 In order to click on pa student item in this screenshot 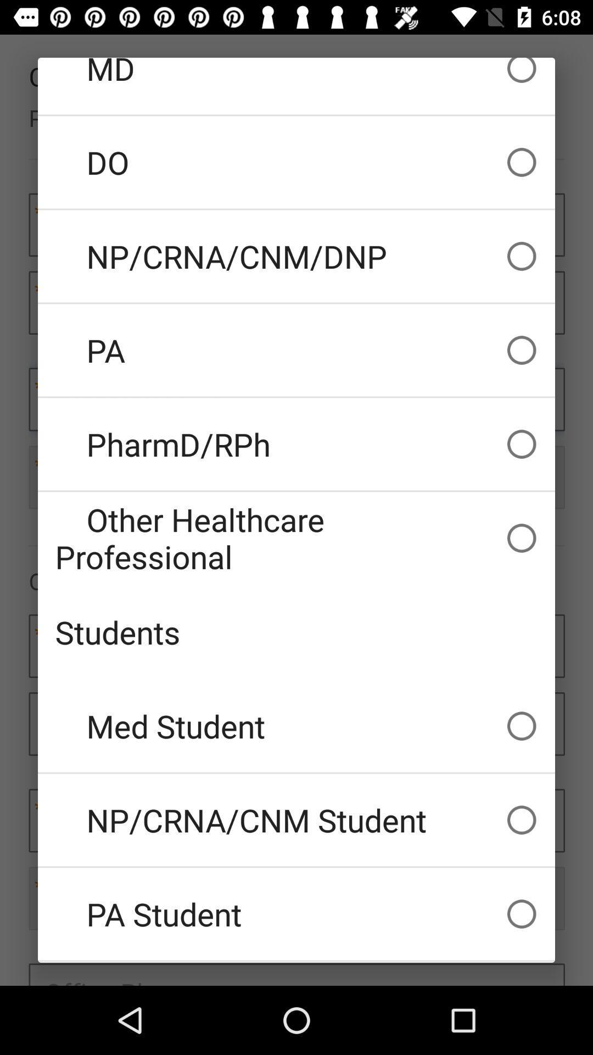, I will do `click(296, 914)`.